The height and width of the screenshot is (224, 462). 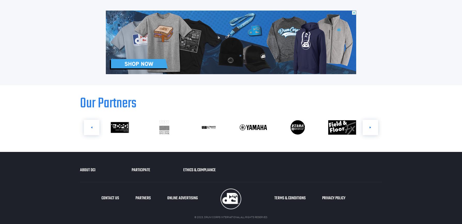 I want to click on 'PARTNERS', so click(x=143, y=198).